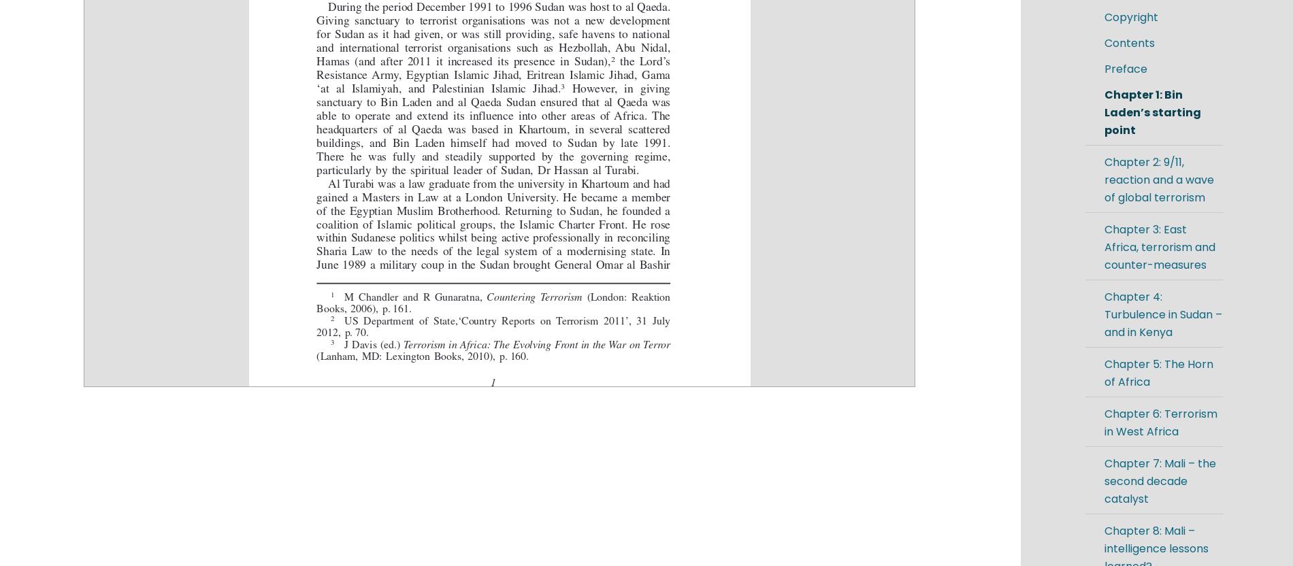  Describe the element at coordinates (1158, 373) in the screenshot. I see `'Chapter 5: The Horn of Africa'` at that location.